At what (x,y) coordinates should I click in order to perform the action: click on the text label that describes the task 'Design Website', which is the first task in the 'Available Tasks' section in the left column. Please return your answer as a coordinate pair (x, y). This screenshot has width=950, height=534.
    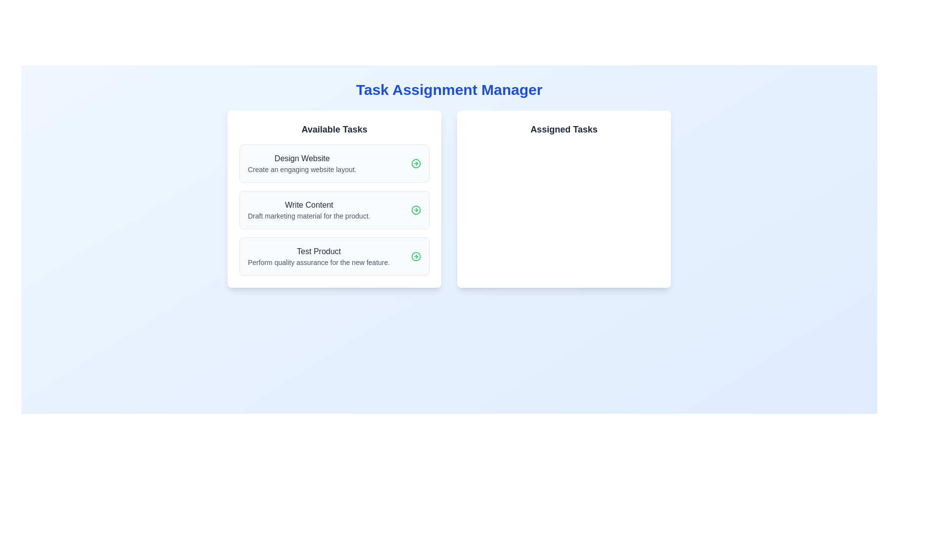
    Looking at the image, I should click on (301, 163).